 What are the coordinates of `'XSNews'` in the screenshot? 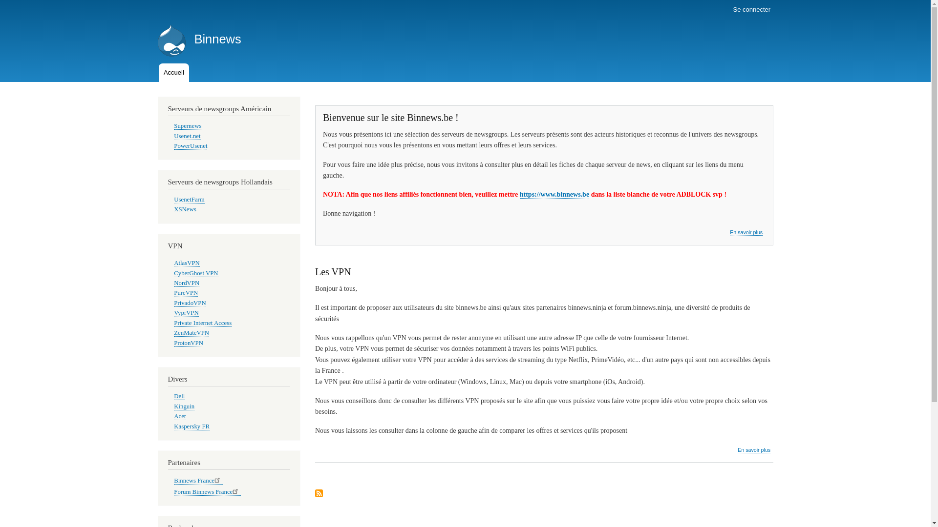 It's located at (173, 209).